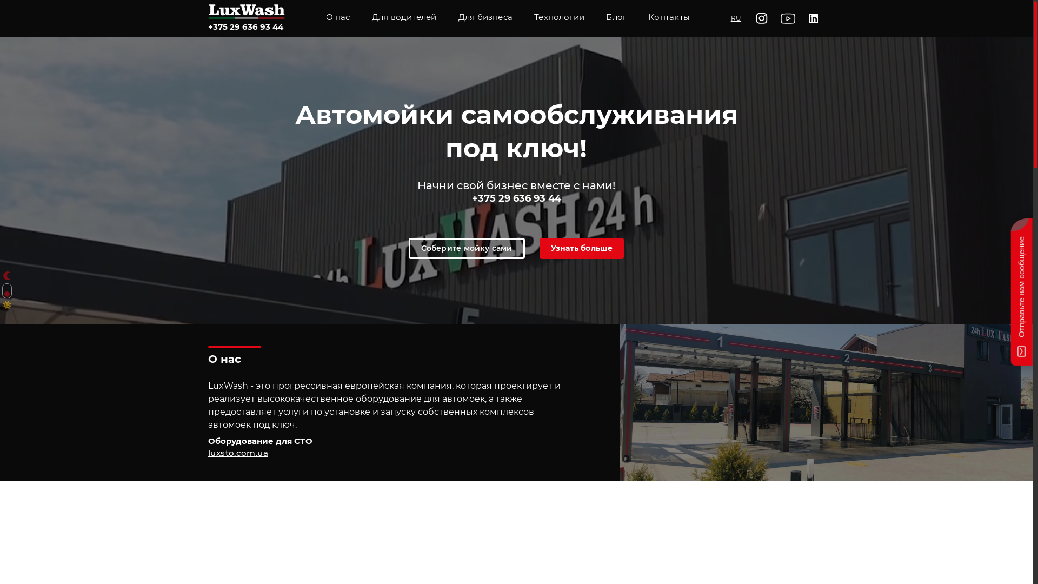  Describe the element at coordinates (208, 453) in the screenshot. I see `'luxsto.com.ua'` at that location.